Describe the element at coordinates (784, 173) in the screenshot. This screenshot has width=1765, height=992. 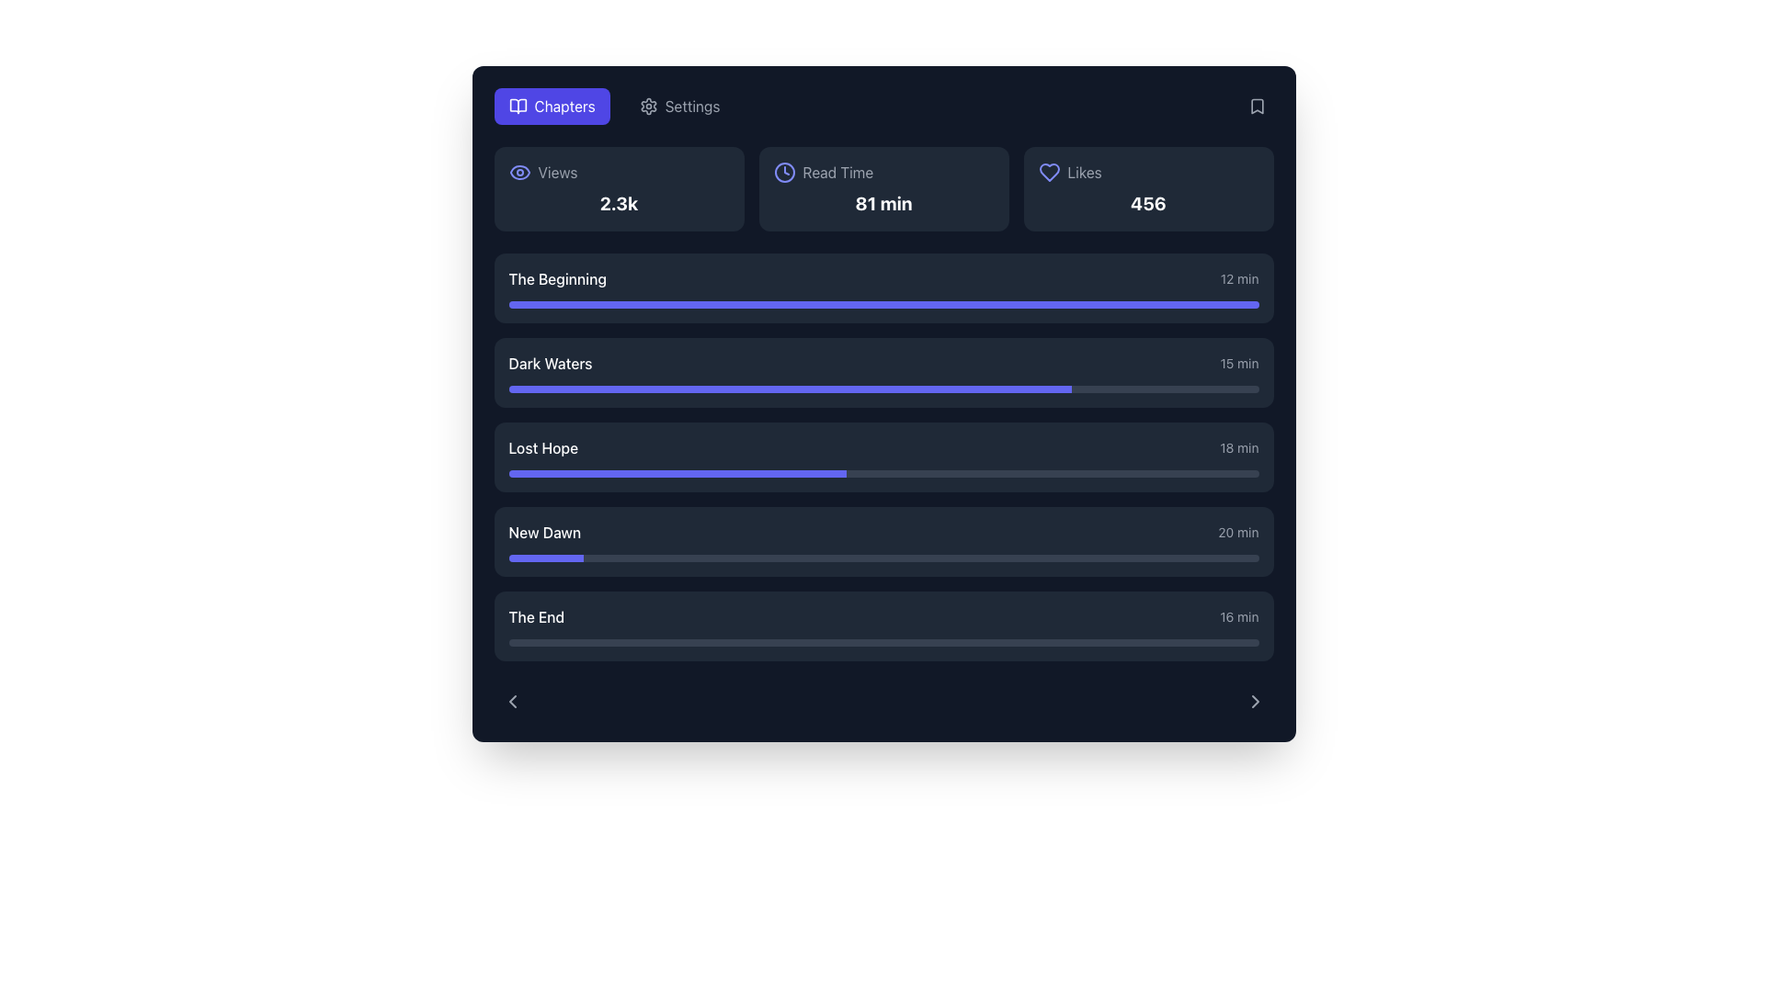
I see `the decorative icon located to the left of the 'Read Time' text in the statistics header section` at that location.